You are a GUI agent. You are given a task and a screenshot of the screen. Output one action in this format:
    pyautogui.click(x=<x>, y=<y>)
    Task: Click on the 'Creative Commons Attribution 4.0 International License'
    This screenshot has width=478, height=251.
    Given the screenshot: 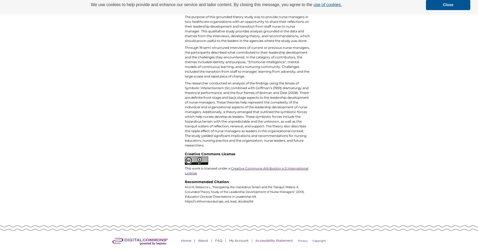 What is the action you would take?
    pyautogui.click(x=246, y=171)
    